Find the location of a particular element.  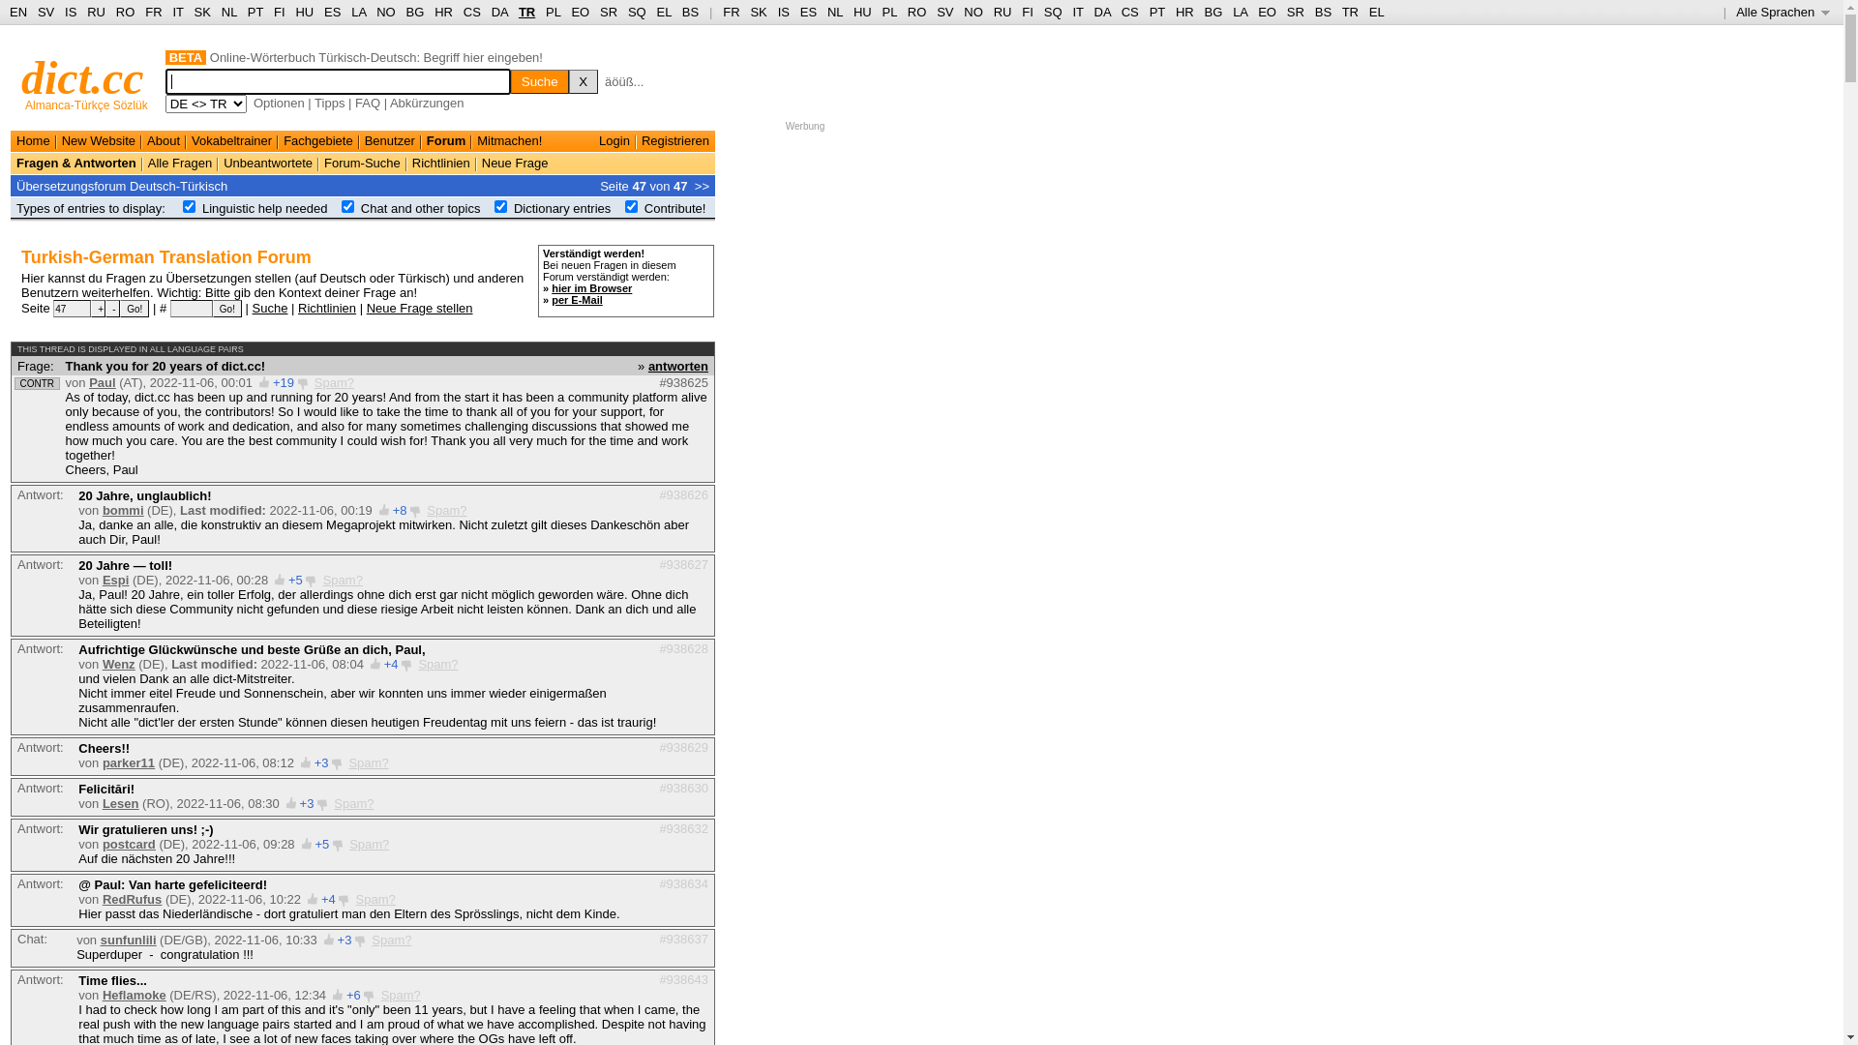

'EL' is located at coordinates (664, 12).